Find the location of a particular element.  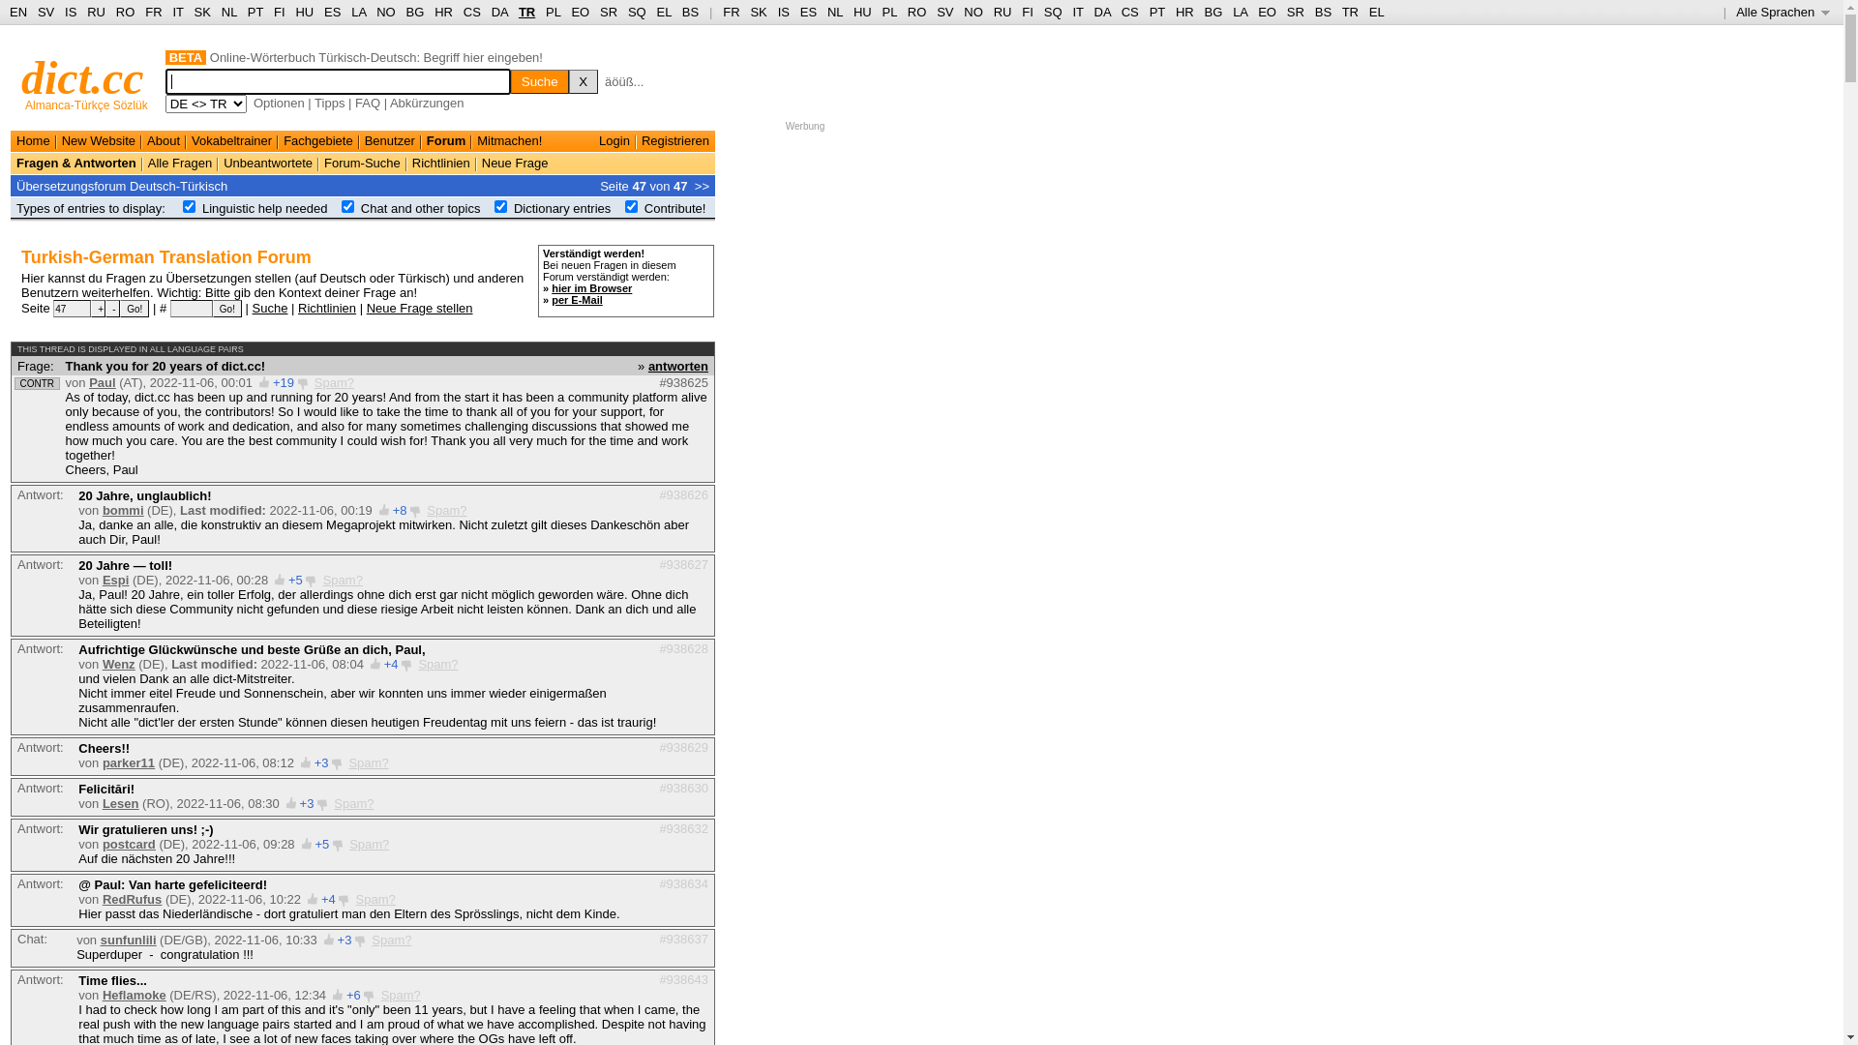

'EL' is located at coordinates (664, 12).